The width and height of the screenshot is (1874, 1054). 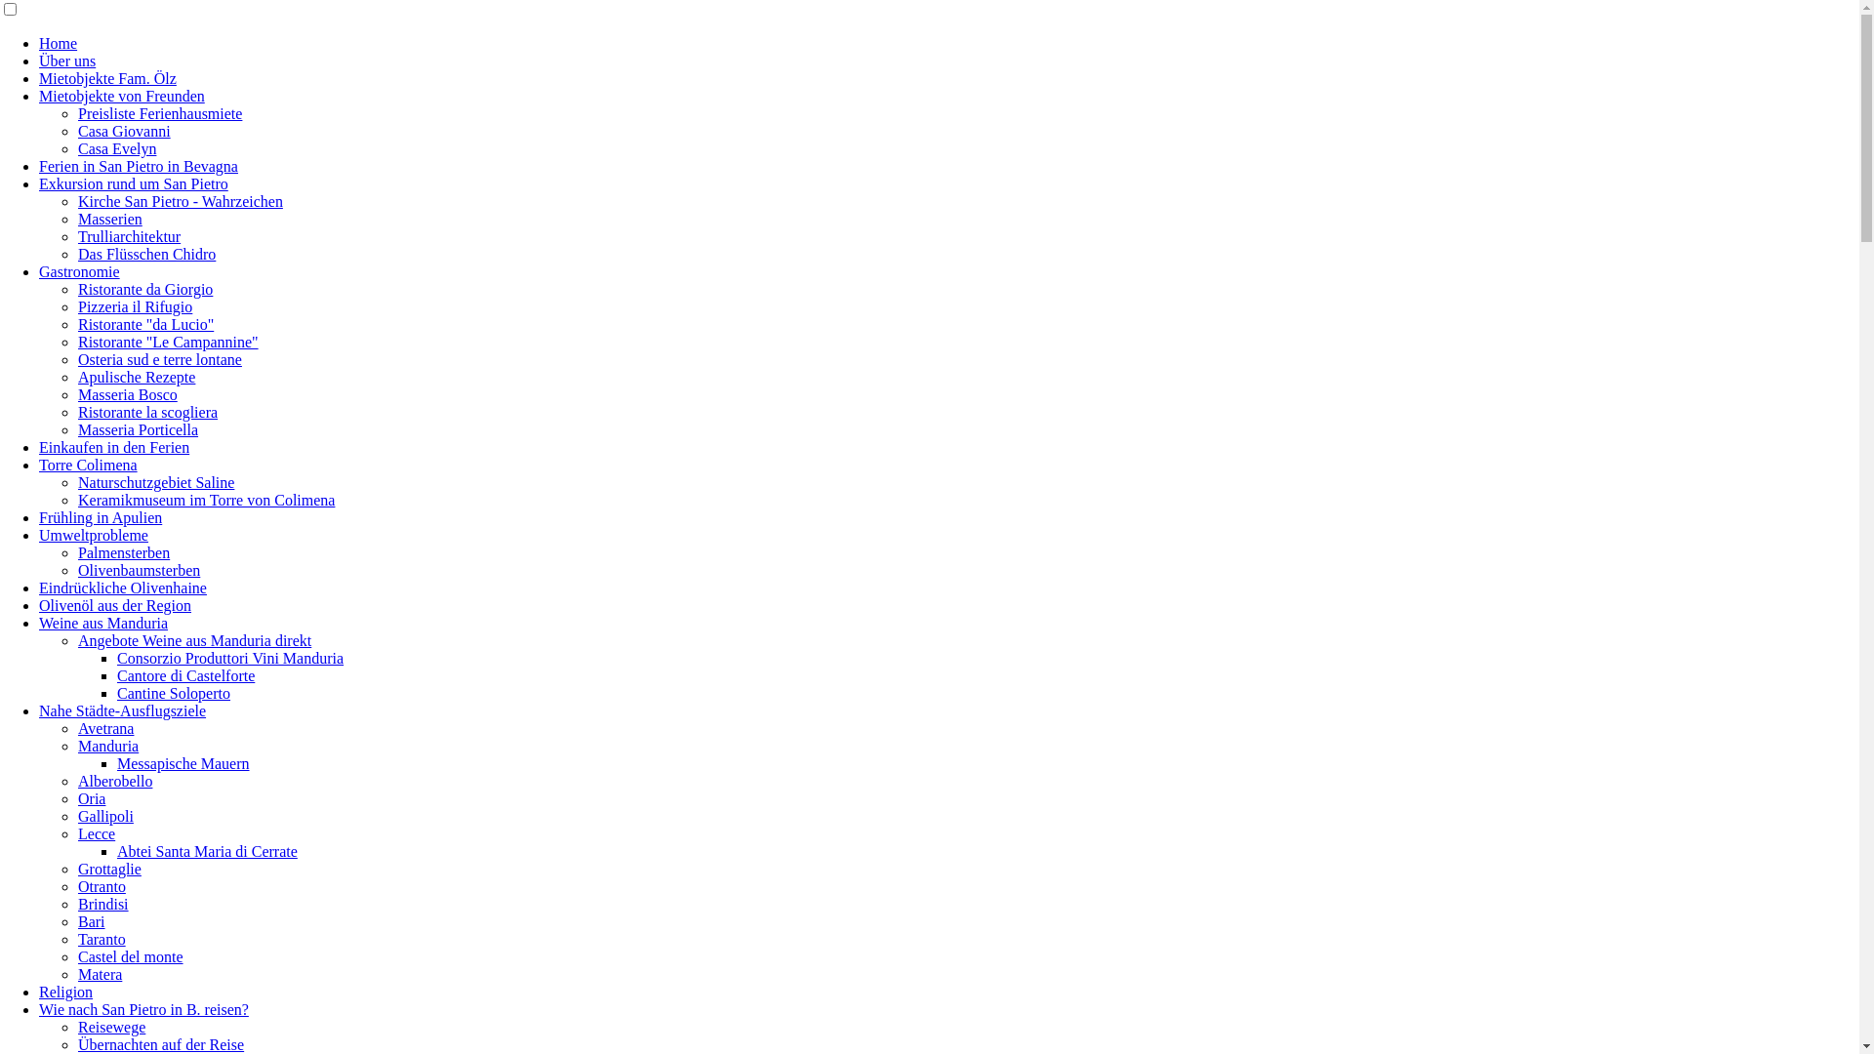 What do you see at coordinates (168, 341) in the screenshot?
I see `'Ristorante "Le Campannine"'` at bounding box center [168, 341].